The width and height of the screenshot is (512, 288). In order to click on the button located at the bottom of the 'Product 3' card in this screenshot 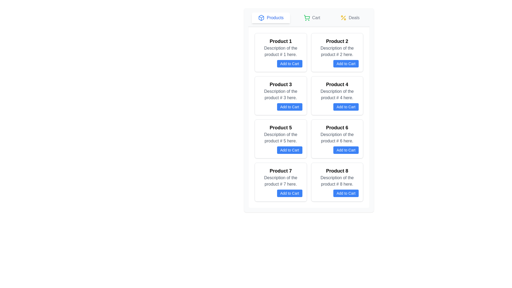, I will do `click(289, 107)`.